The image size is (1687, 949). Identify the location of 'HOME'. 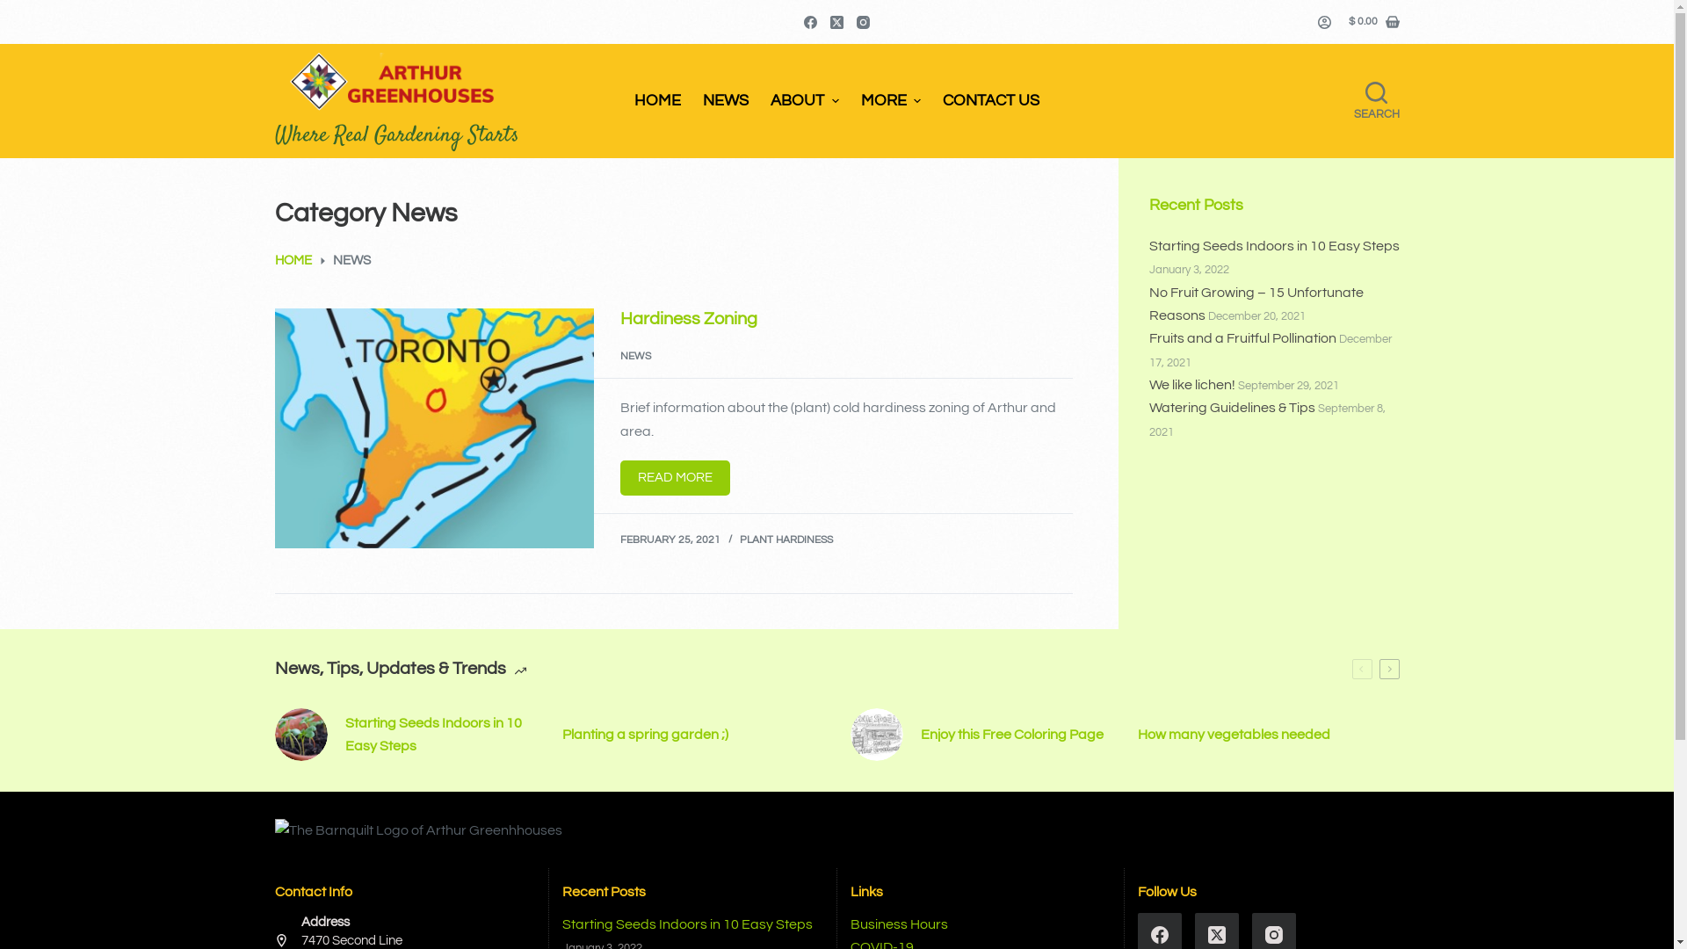
(273, 261).